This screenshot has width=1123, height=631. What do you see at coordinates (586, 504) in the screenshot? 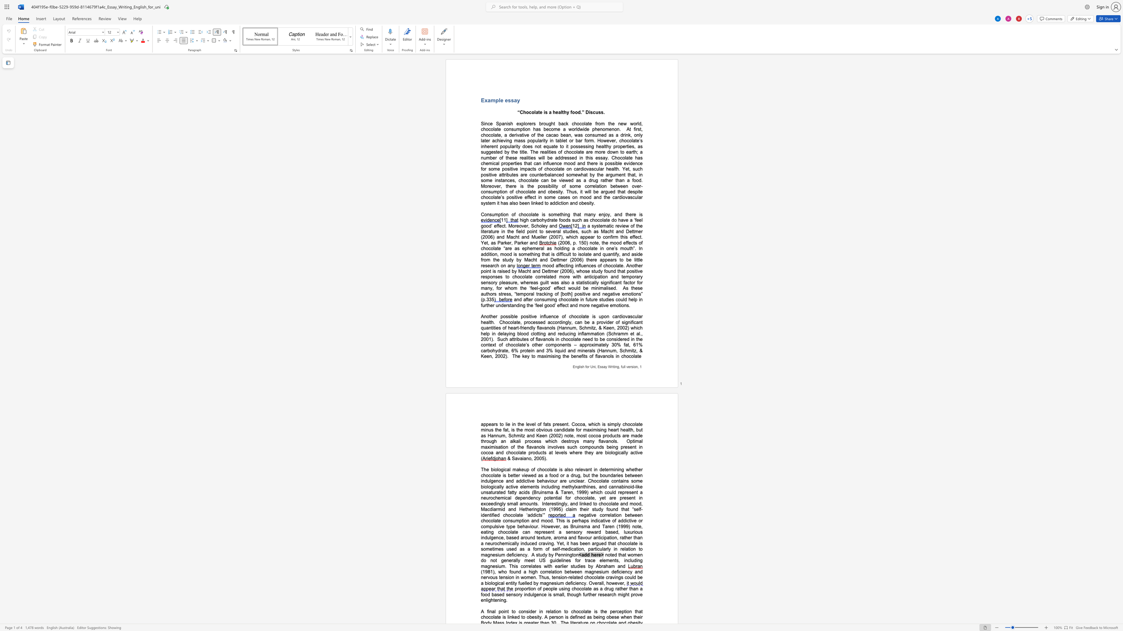
I see `the space between the continuous character "k" and "e" in the text` at bounding box center [586, 504].